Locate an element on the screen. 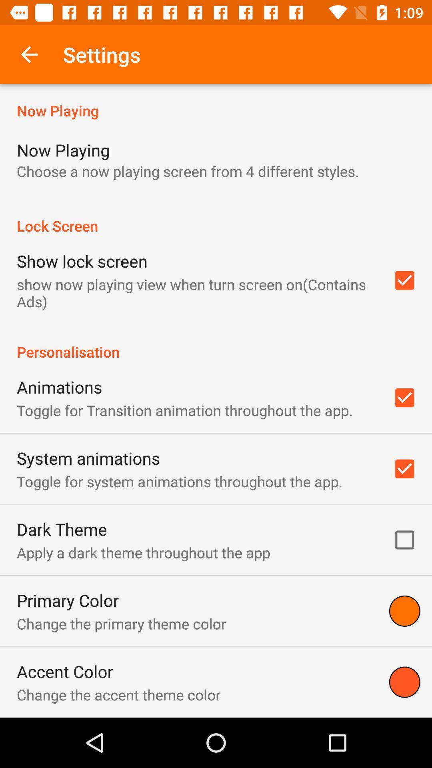  the icon below the dark theme icon is located at coordinates (143, 552).